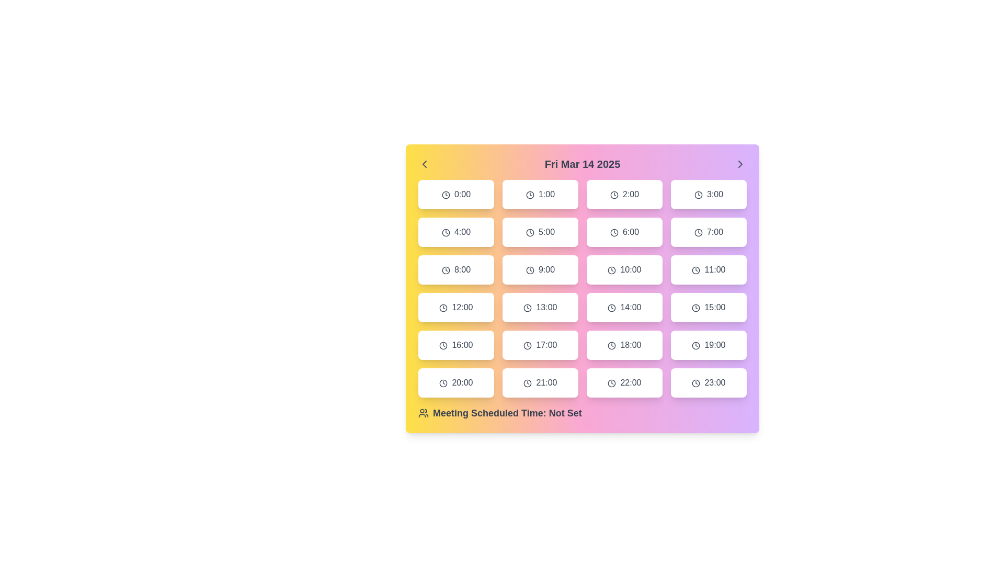  I want to click on the clock icon located next to the text '23:00' in the bottom-right tile of the time slot grid, so click(696, 383).